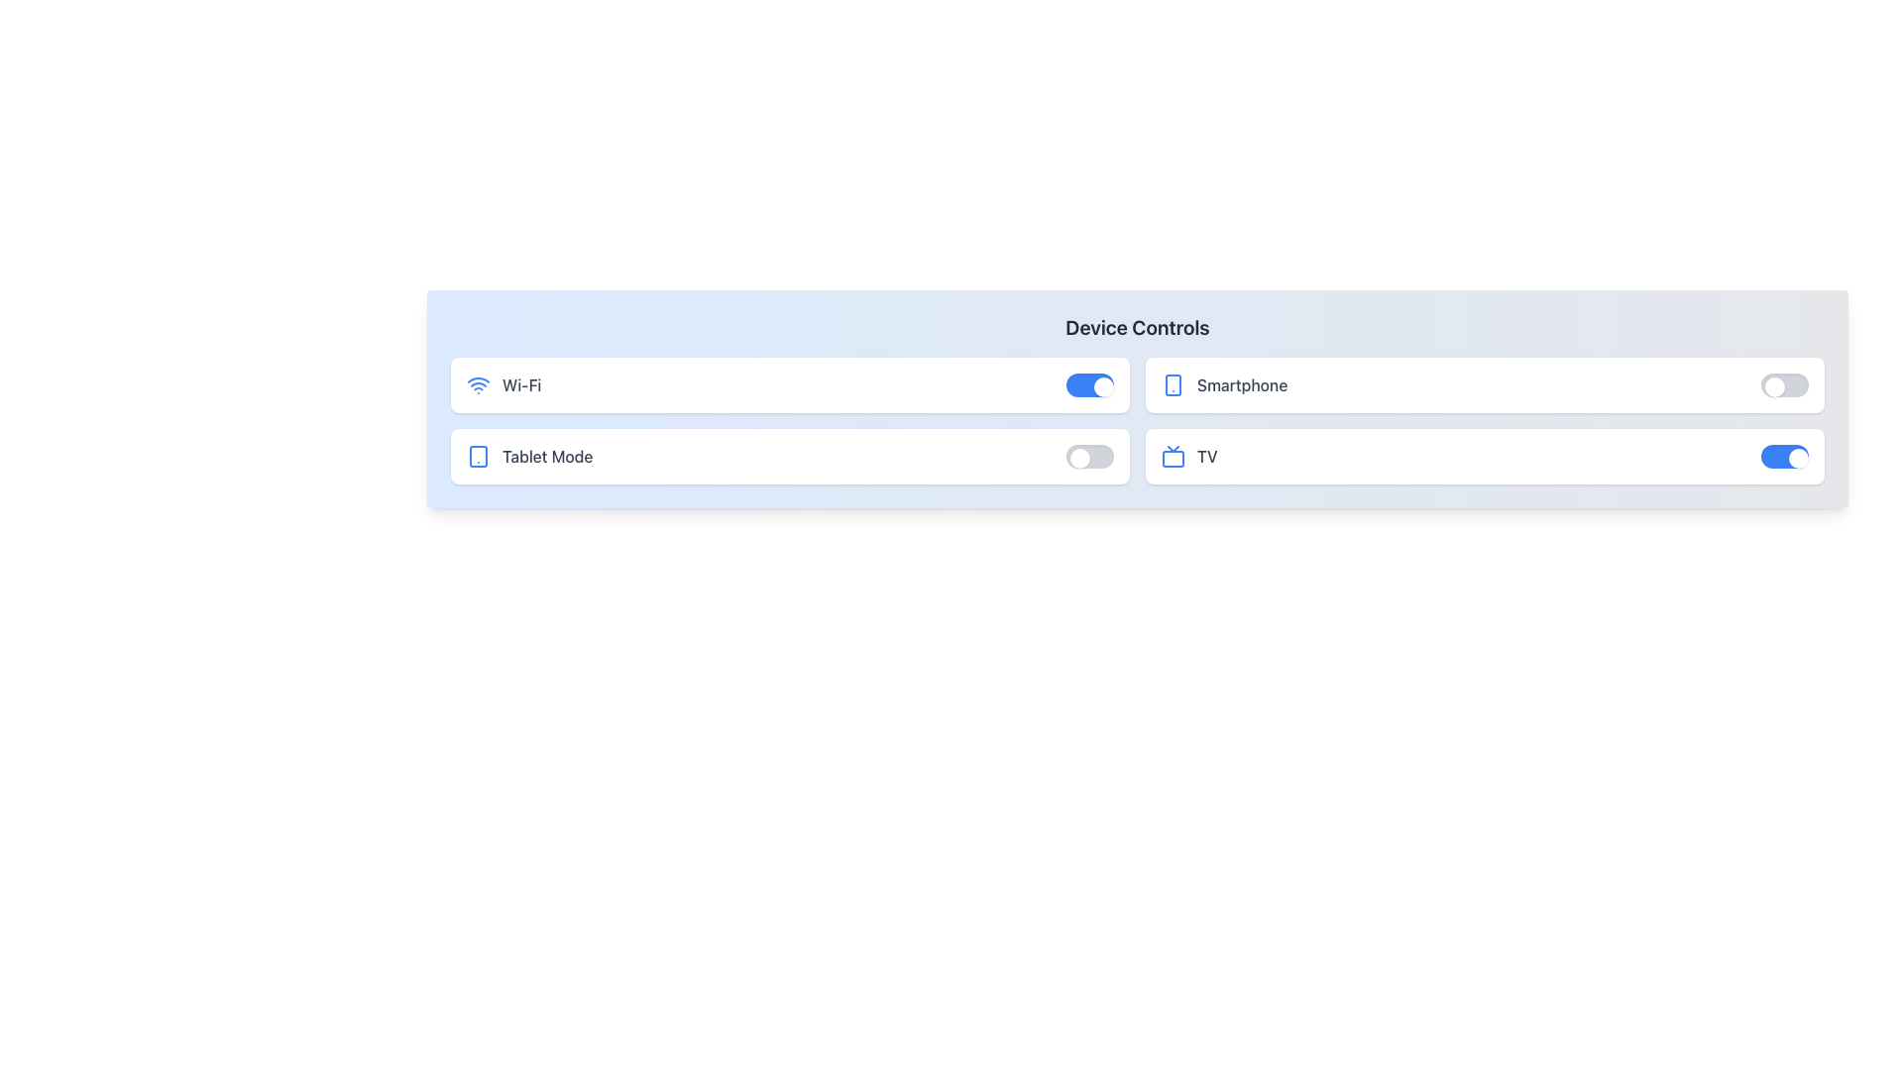 This screenshot has width=1903, height=1070. Describe the element at coordinates (479, 385) in the screenshot. I see `the Wi-Fi icon located on the left side of the 'Wi-Fi' control section in the list interface` at that location.